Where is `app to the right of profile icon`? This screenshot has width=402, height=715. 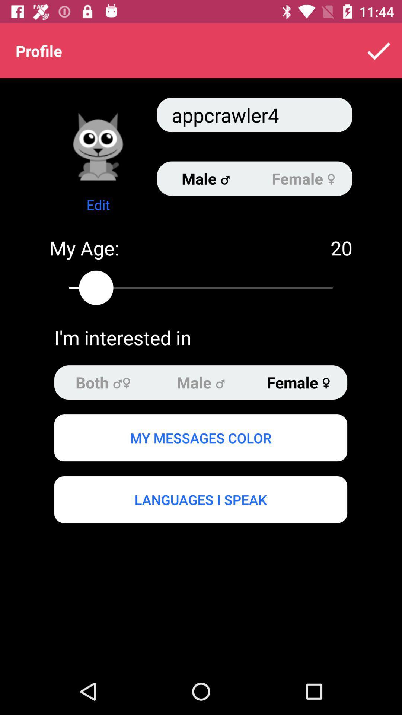 app to the right of profile icon is located at coordinates (379, 50).